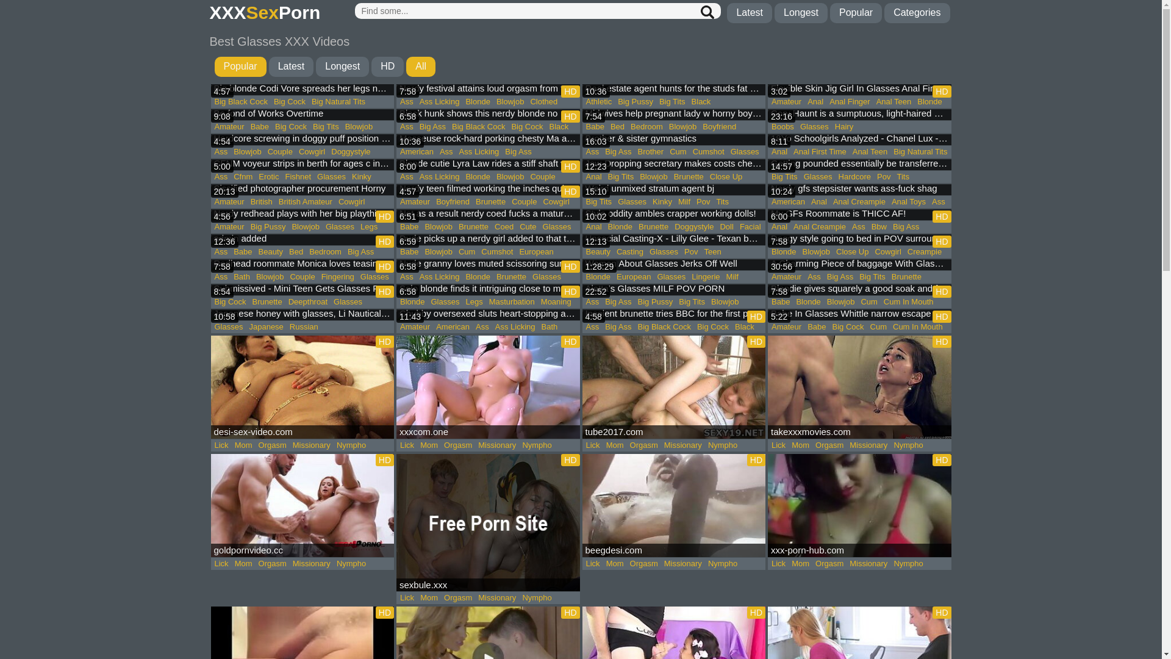 The image size is (1171, 659). Describe the element at coordinates (312, 151) in the screenshot. I see `'Cowgirl'` at that location.